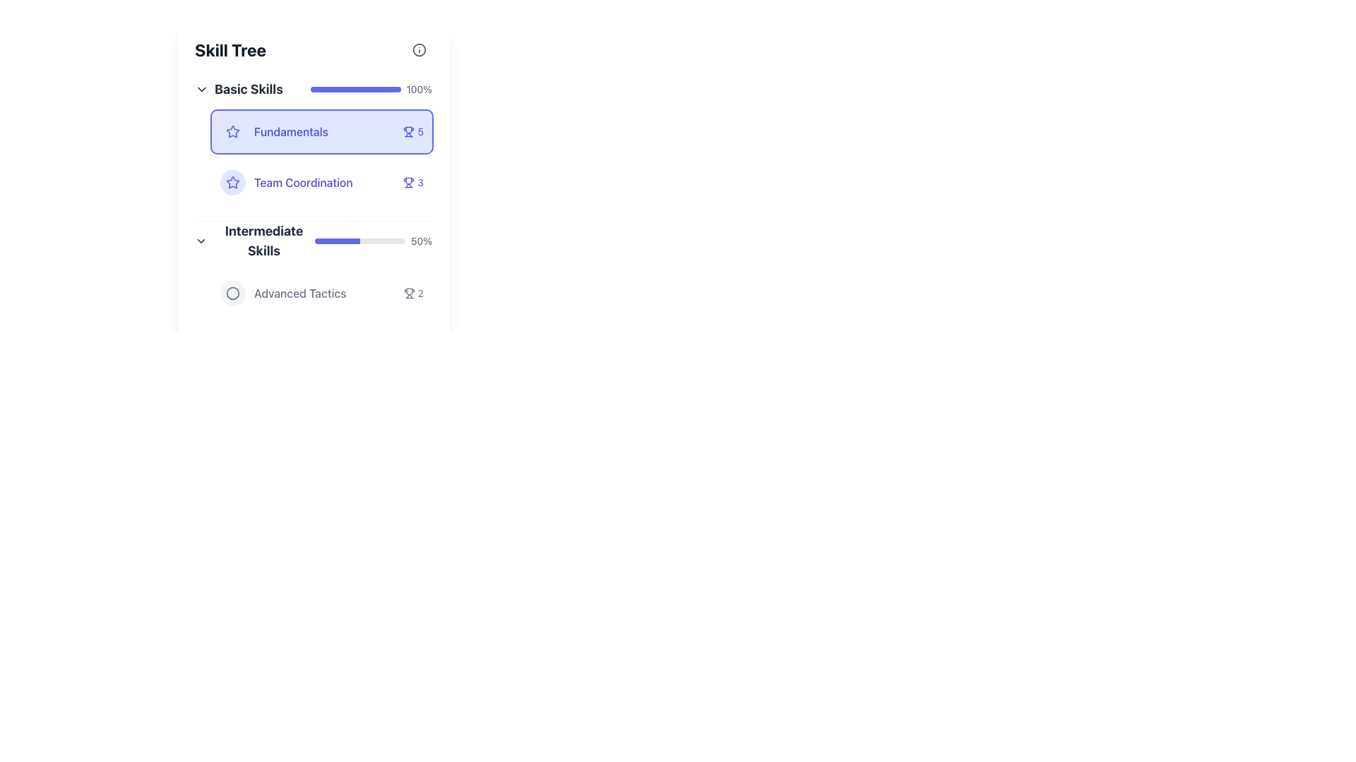 This screenshot has height=762, width=1356. Describe the element at coordinates (420, 181) in the screenshot. I see `the small, light-colored number '3' displayed in a small font size, which is positioned adjacent to the trophy icon in the 'Basic Skills' section under the 'Team Coordination' label` at that location.